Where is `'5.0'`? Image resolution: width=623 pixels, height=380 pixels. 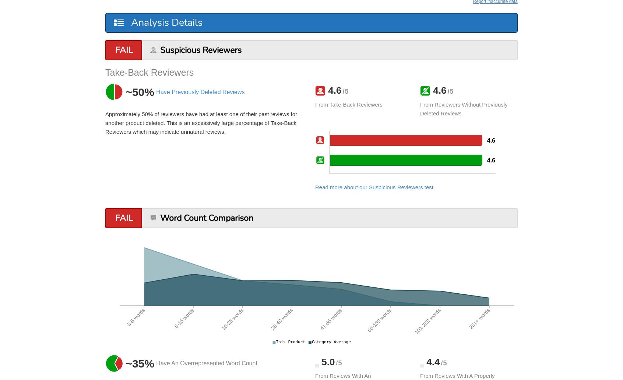 '5.0' is located at coordinates (326, 361).